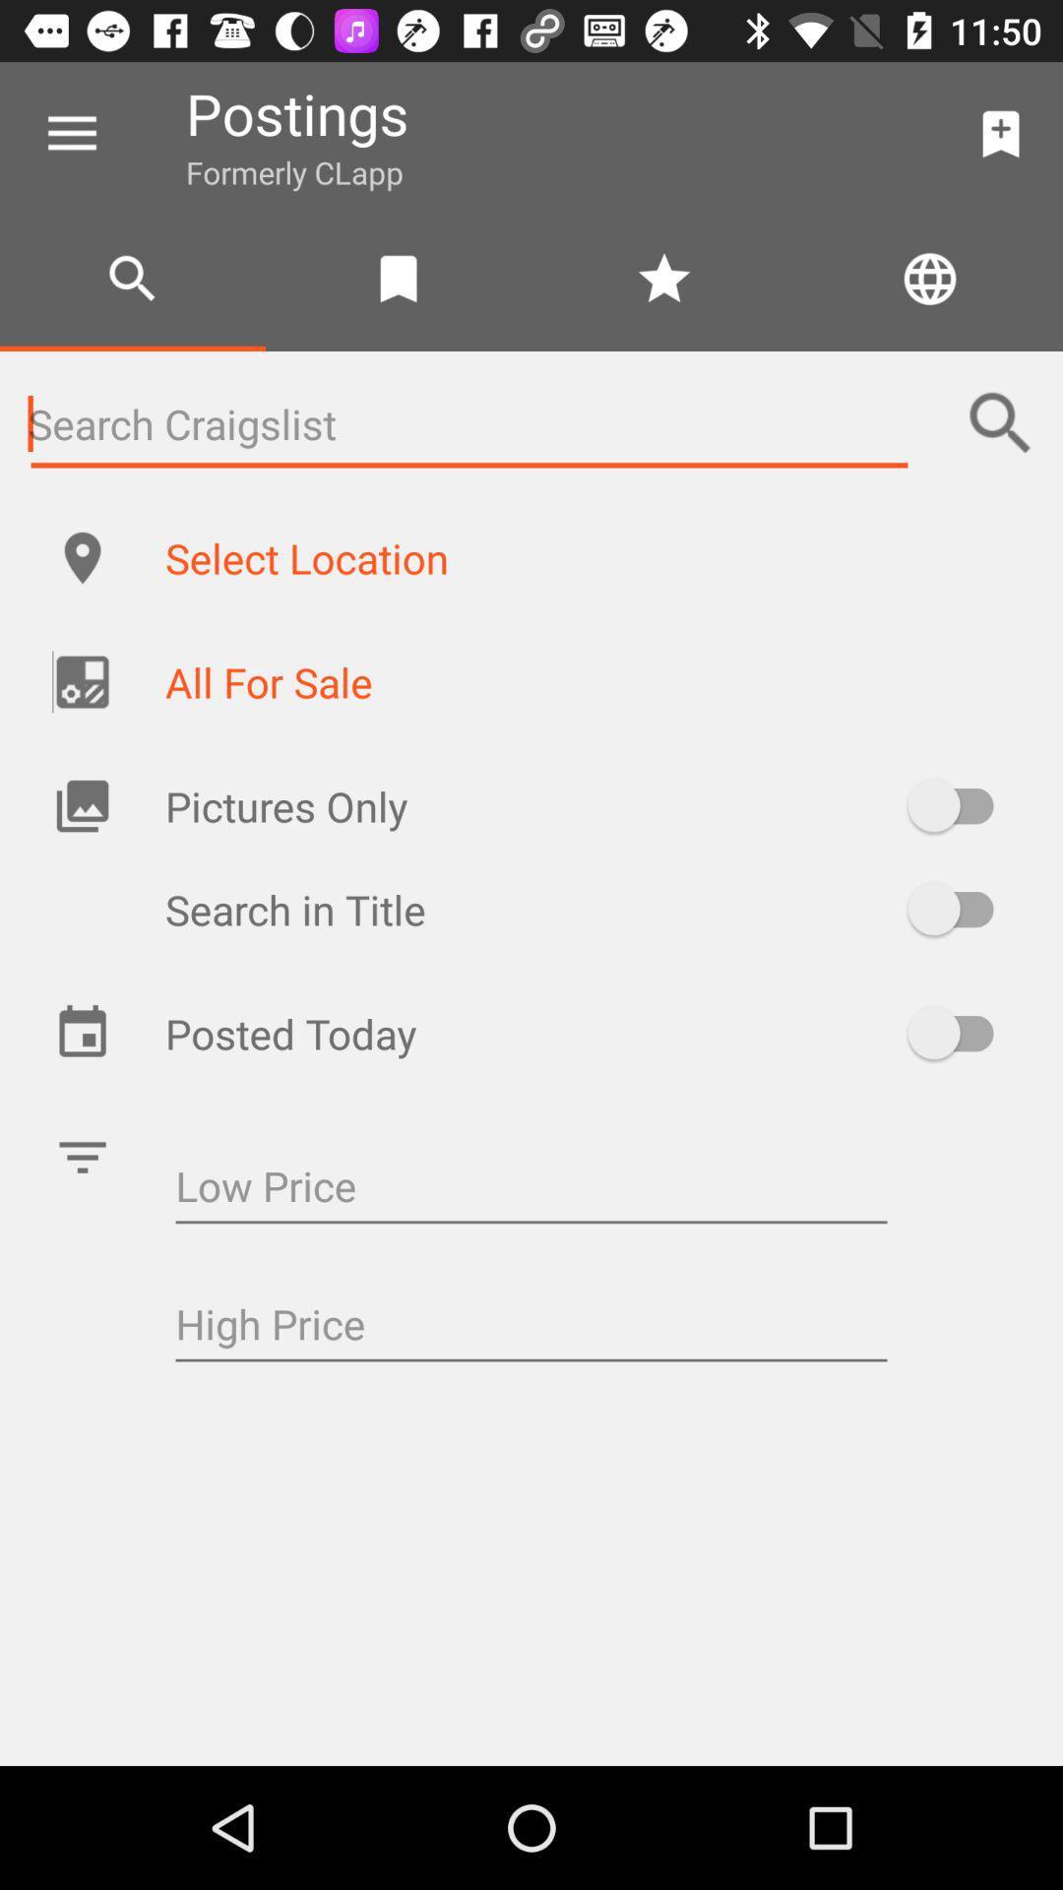  I want to click on posted today toggle, so click(959, 1032).